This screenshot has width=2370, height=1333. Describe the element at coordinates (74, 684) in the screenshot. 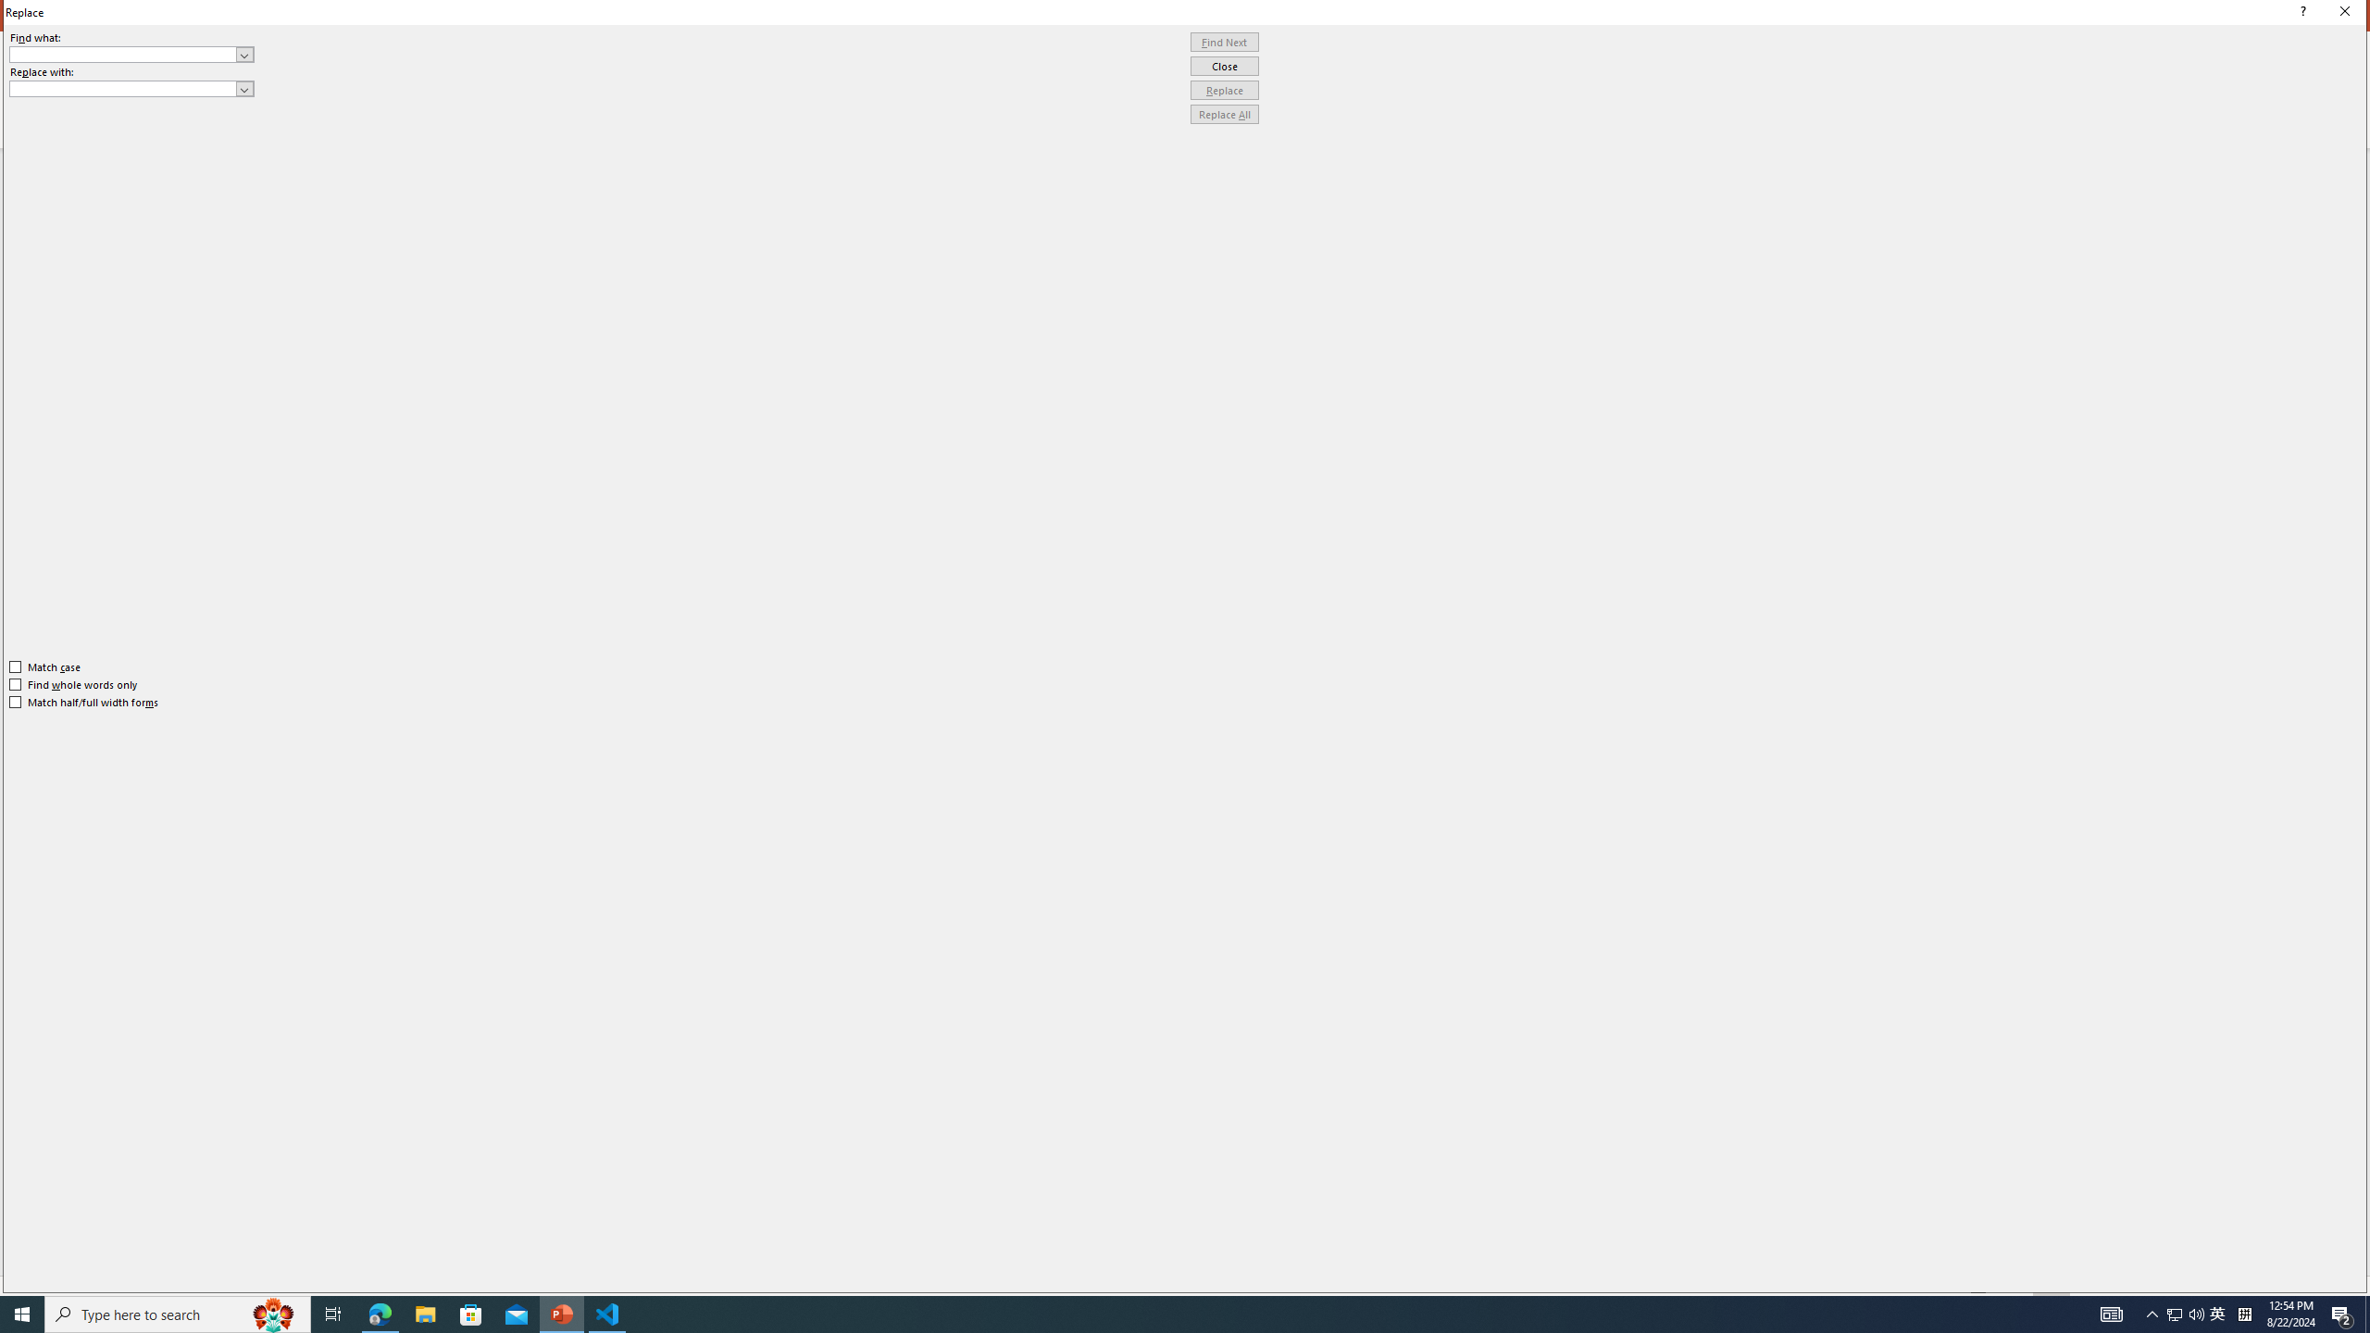

I see `'Find whole words only'` at that location.